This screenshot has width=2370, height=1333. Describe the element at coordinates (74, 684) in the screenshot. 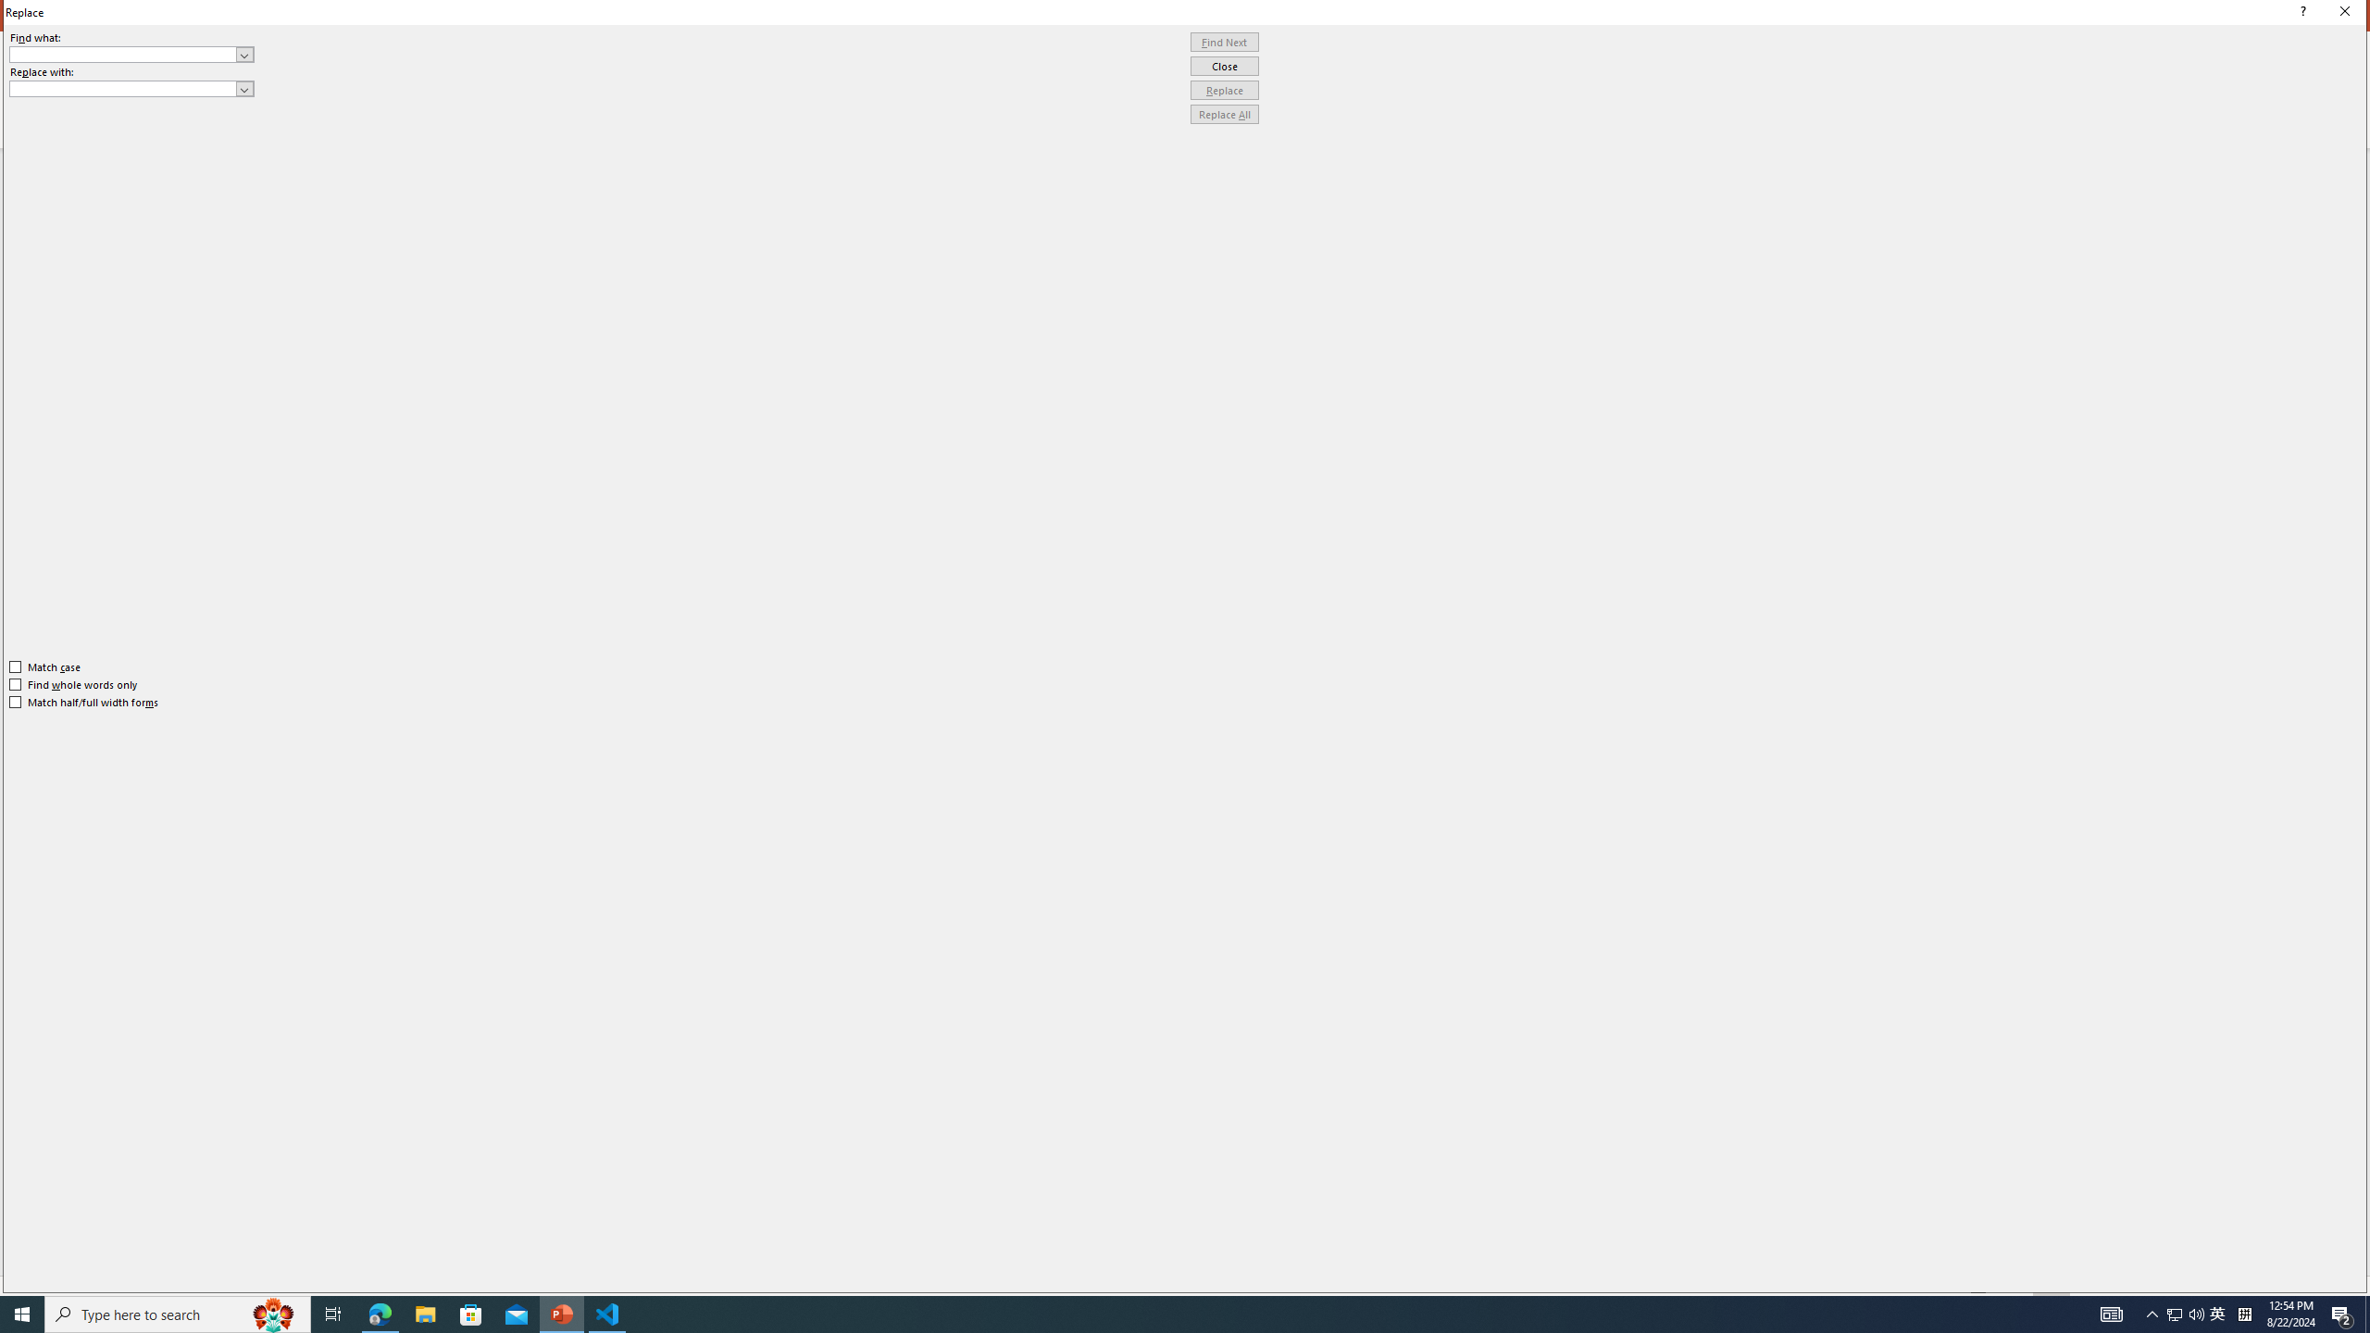

I see `'Find whole words only'` at that location.